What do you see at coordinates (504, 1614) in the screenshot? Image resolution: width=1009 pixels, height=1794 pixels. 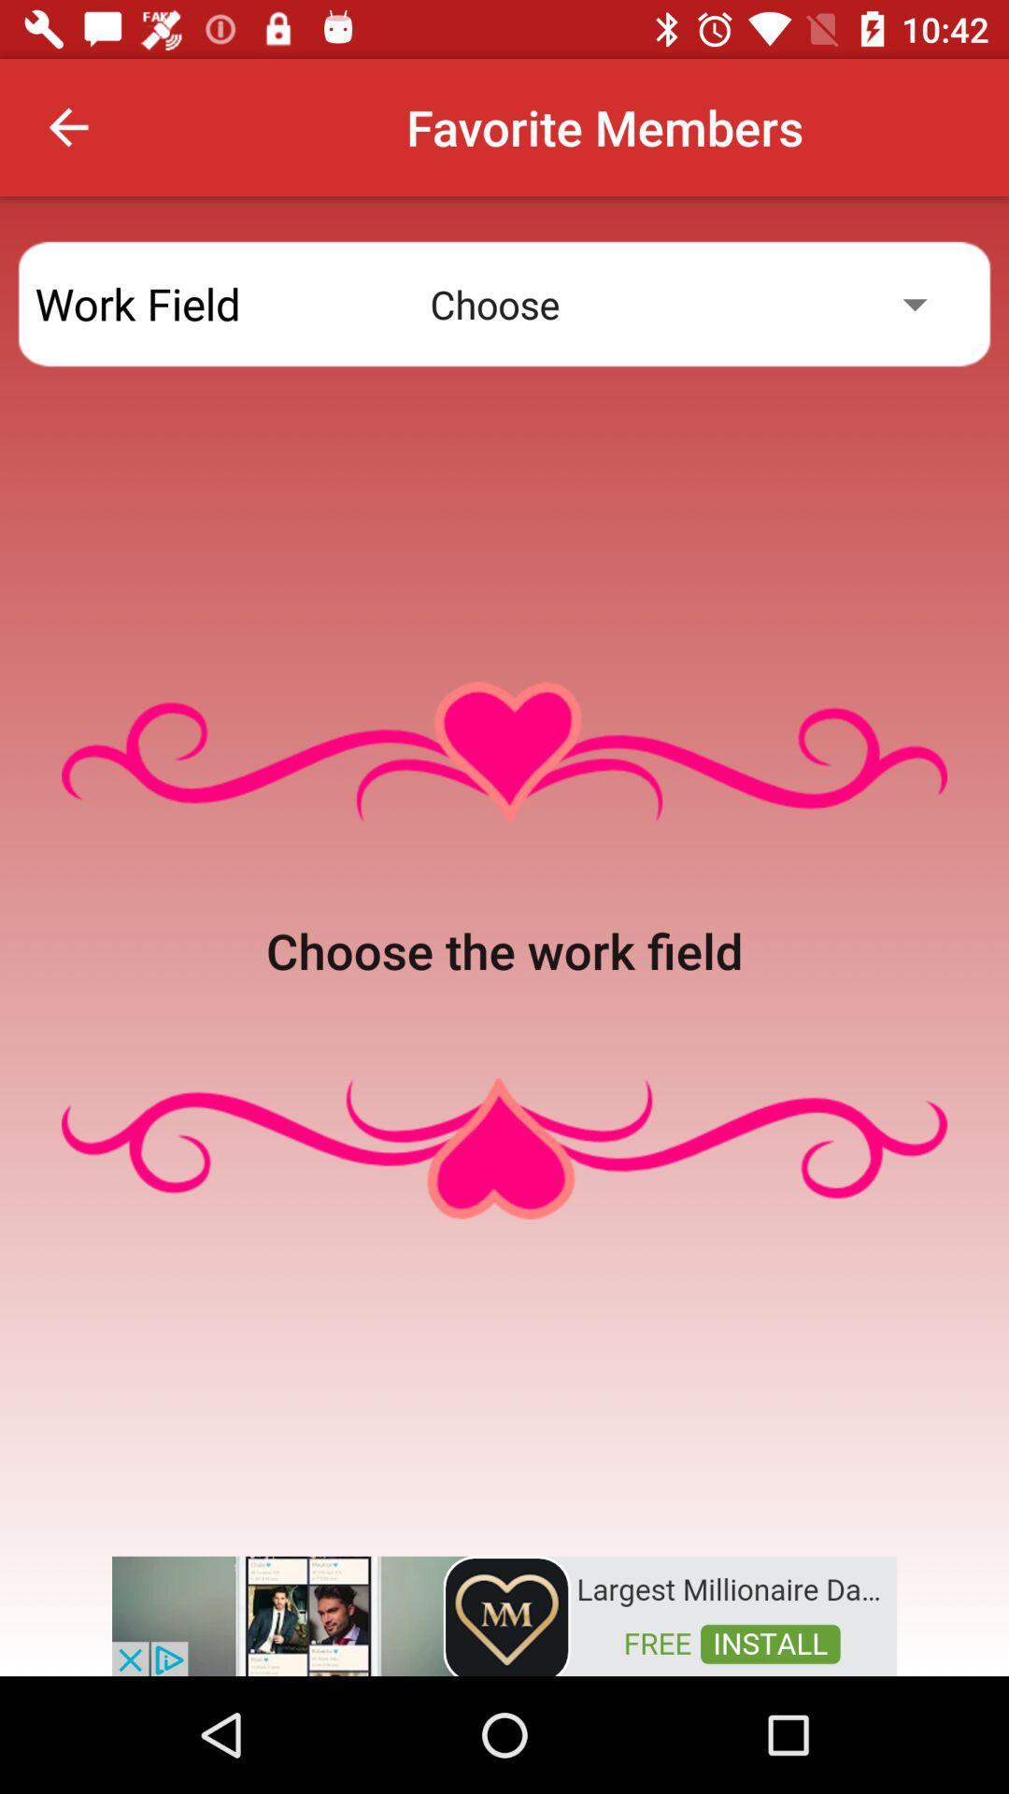 I see `click advertisement` at bounding box center [504, 1614].